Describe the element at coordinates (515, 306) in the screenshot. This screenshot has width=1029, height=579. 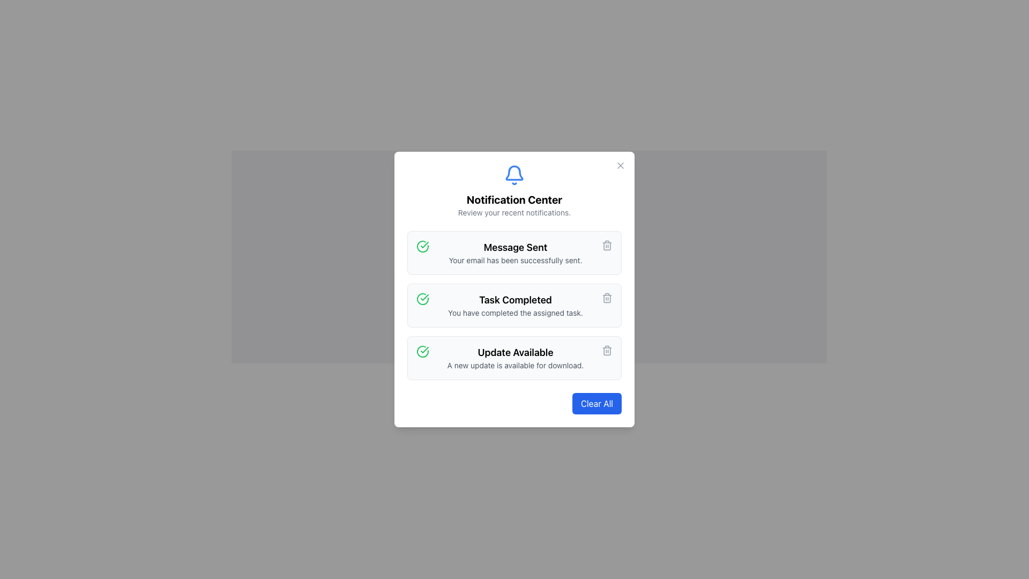
I see `the text section displaying 'Task Completed' and 'You have completed the assigned task.' located in the central section of the notification` at that location.